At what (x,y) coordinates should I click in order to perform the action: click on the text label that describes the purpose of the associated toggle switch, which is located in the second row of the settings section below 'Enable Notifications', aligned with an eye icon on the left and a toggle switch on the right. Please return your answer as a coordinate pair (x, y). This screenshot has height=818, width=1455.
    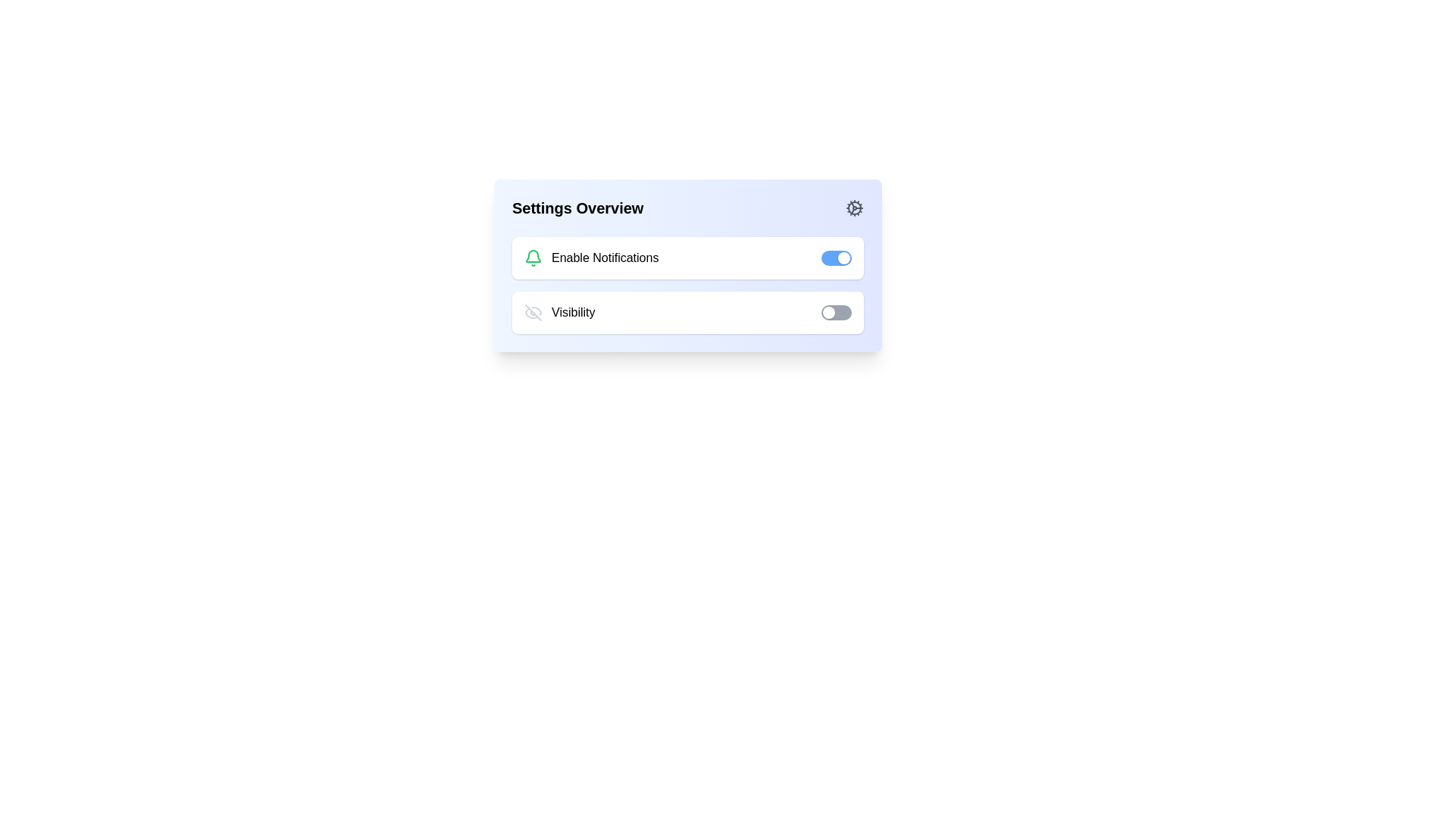
    Looking at the image, I should click on (572, 311).